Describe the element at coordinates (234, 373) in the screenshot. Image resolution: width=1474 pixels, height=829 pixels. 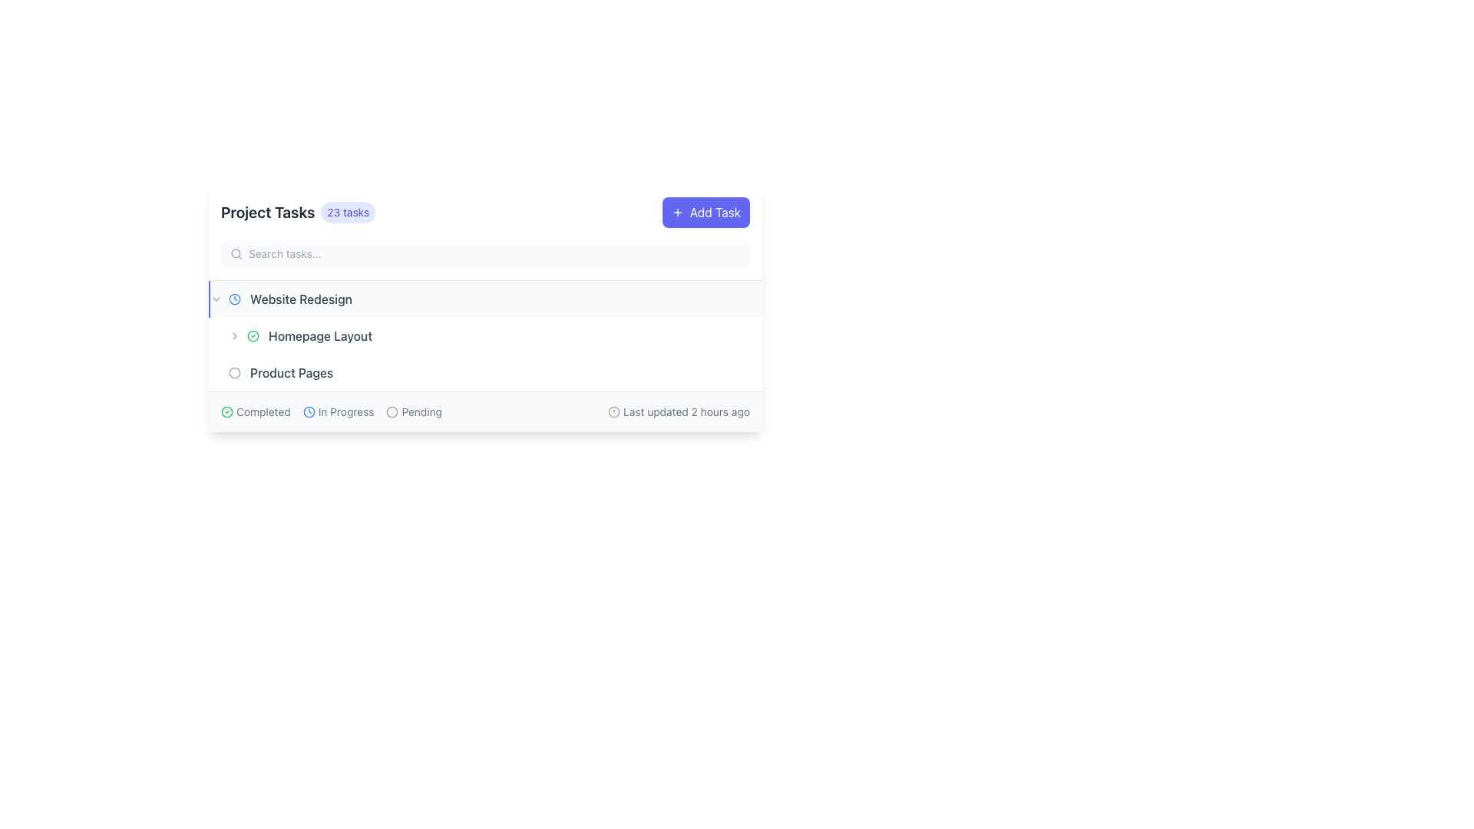
I see `the SVG circle element that serves as a visual indicator for the 'Product Pages' task, located to the left of the 'Product Pages' text in the 'Project Tasks' UI section` at that location.